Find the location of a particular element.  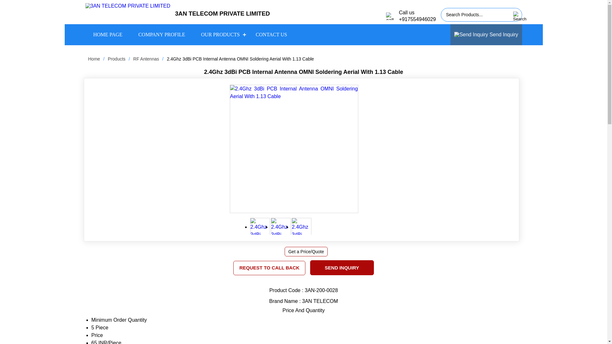

'Get a Price/Quote' is located at coordinates (306, 251).